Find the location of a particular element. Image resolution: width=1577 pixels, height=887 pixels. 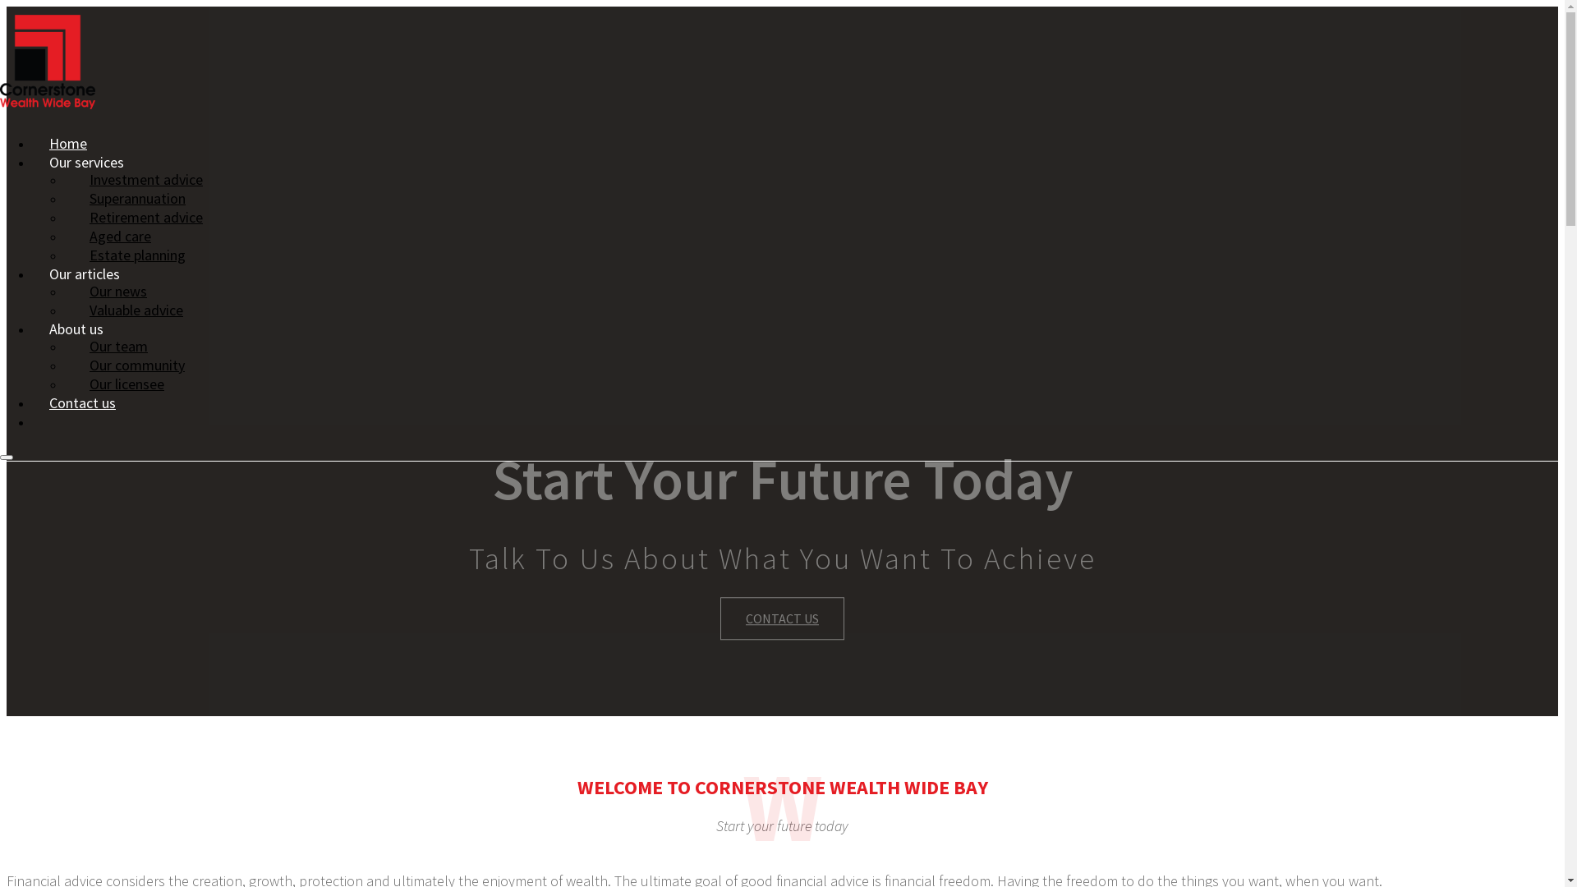

'Investment advice' is located at coordinates (145, 179).